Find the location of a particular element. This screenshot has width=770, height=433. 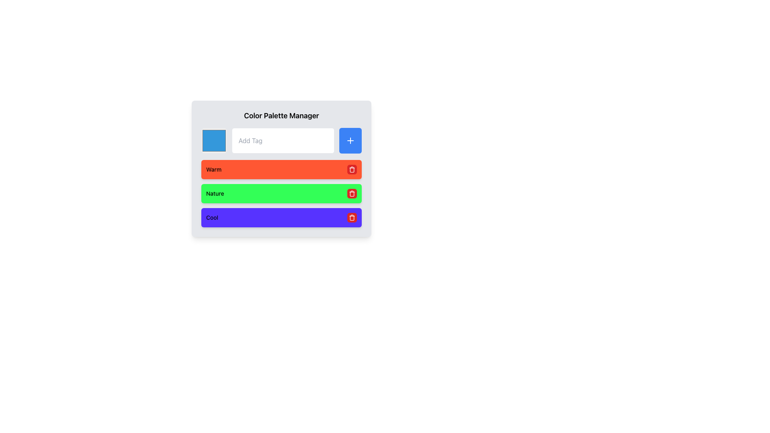

the rightmost delete button in the green 'Nature' section is located at coordinates (352, 193).